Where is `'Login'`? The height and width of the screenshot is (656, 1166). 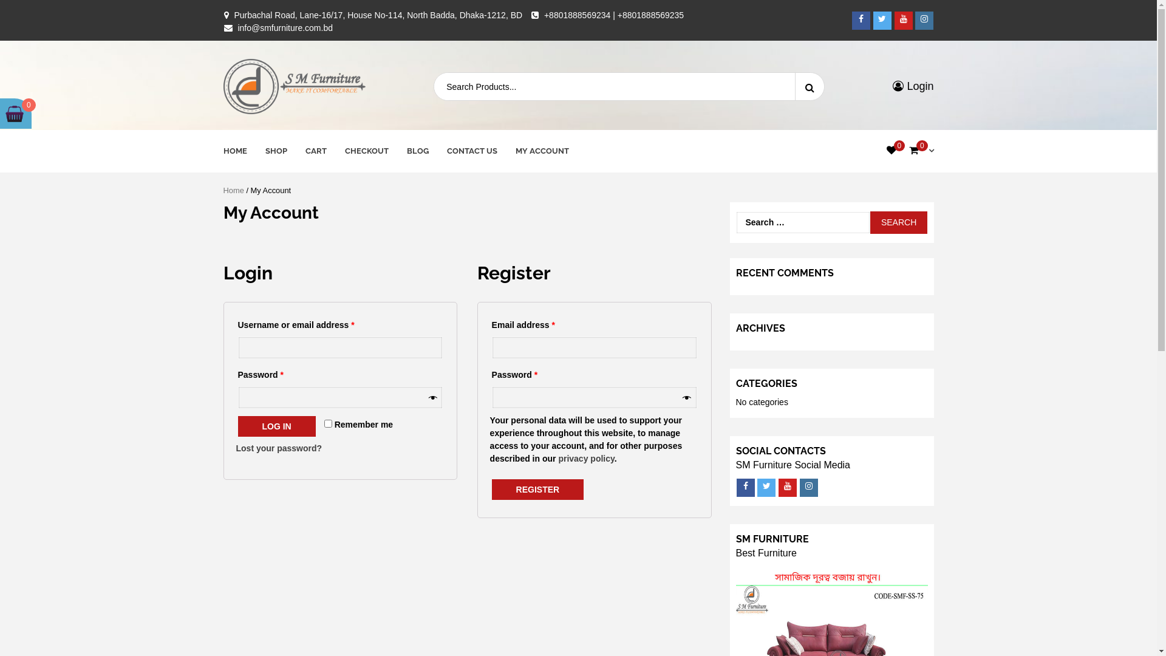 'Login' is located at coordinates (913, 86).